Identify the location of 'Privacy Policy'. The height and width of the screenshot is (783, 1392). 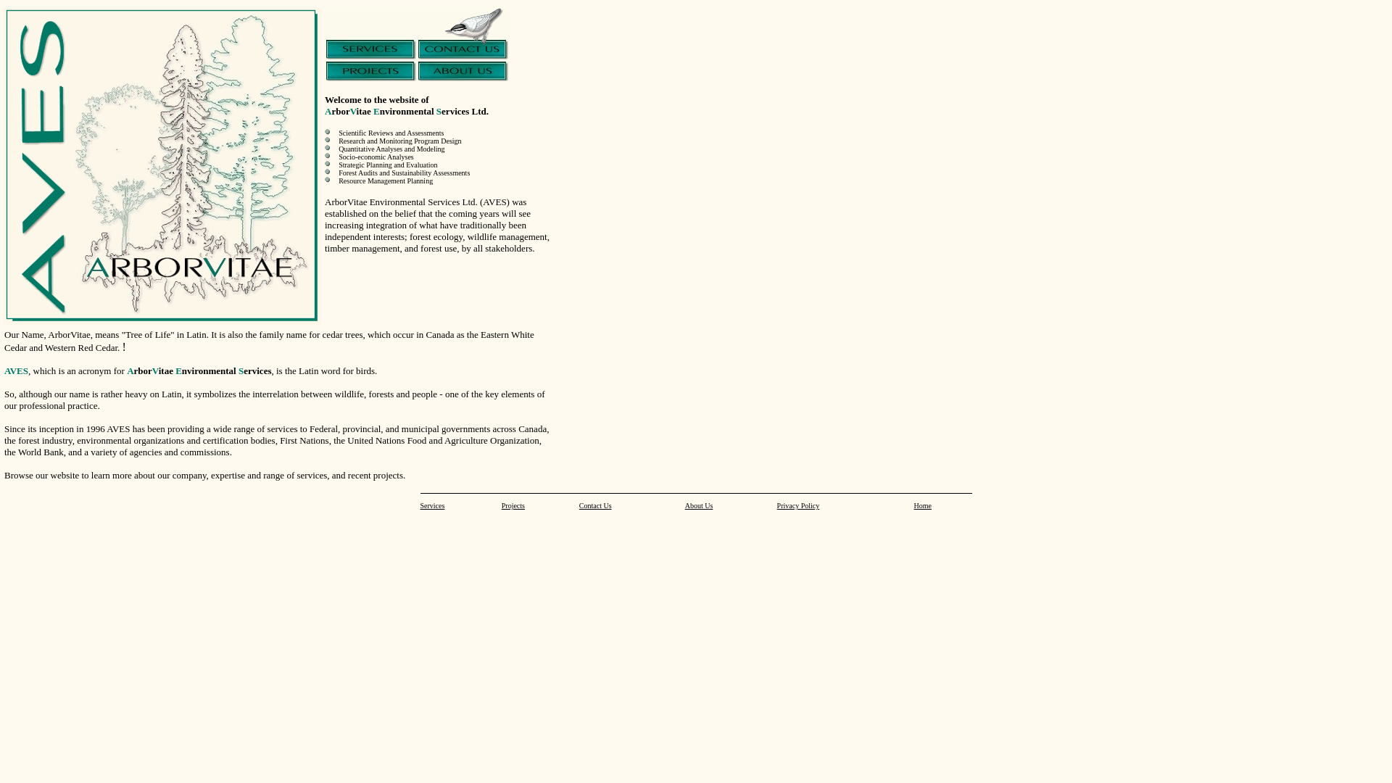
(797, 508).